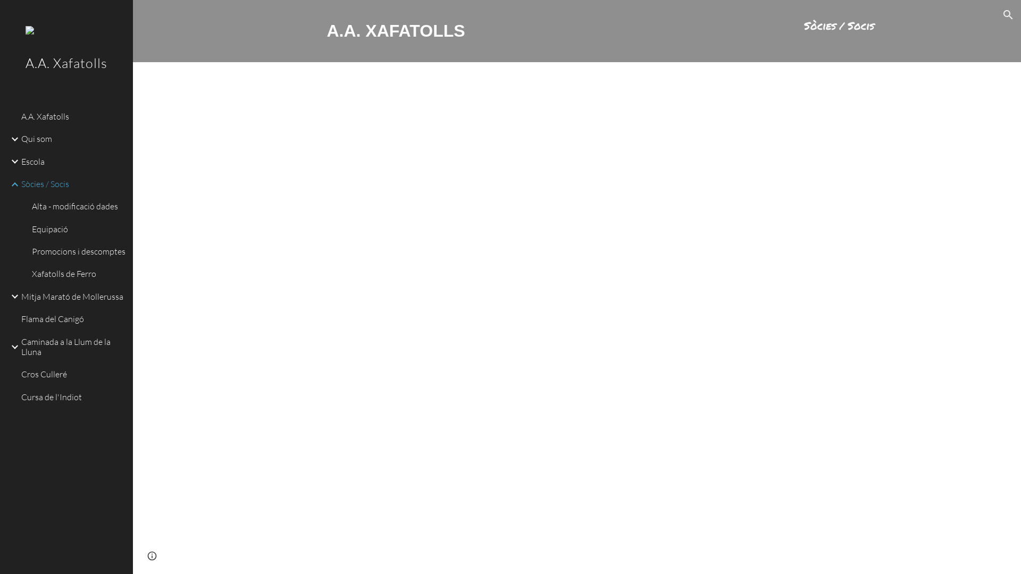 The height and width of the screenshot is (574, 1021). I want to click on 'Expand/Collapse', so click(12, 162).